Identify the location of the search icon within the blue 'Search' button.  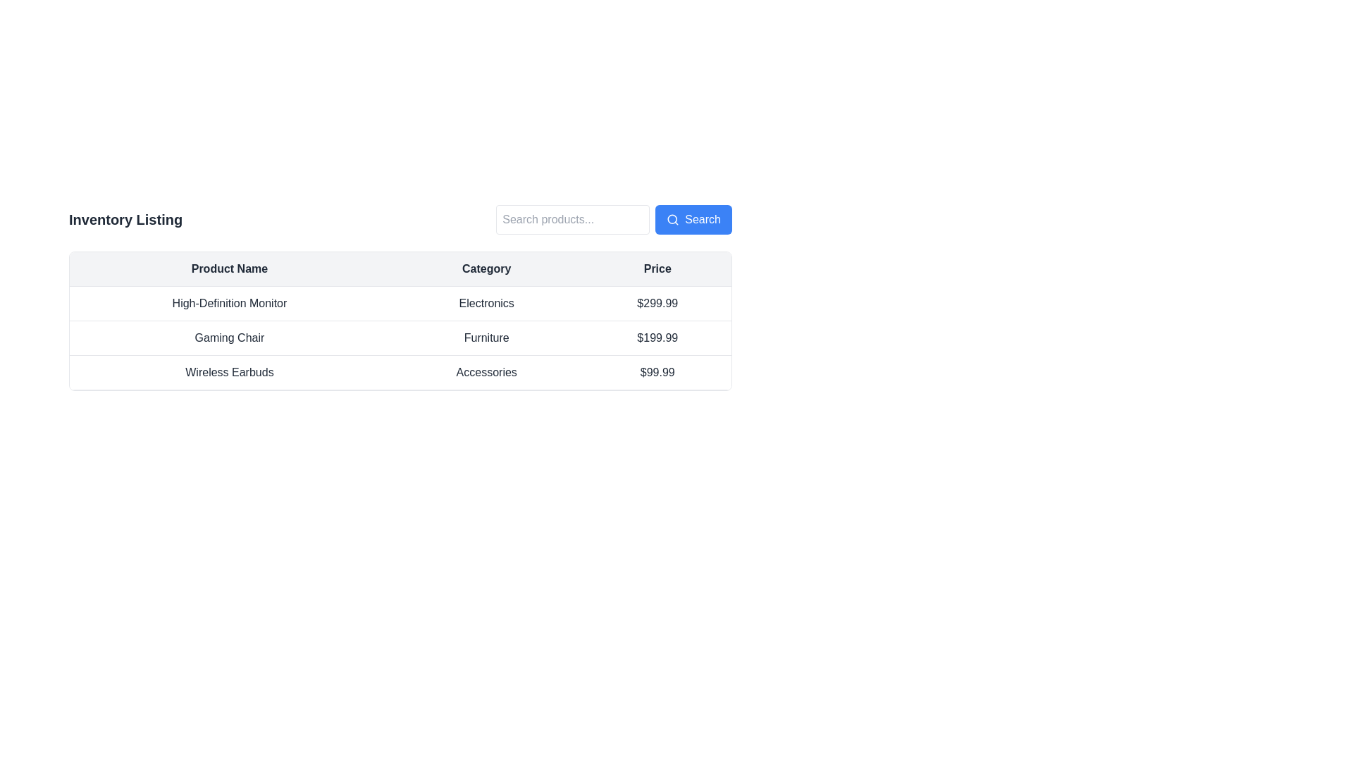
(672, 220).